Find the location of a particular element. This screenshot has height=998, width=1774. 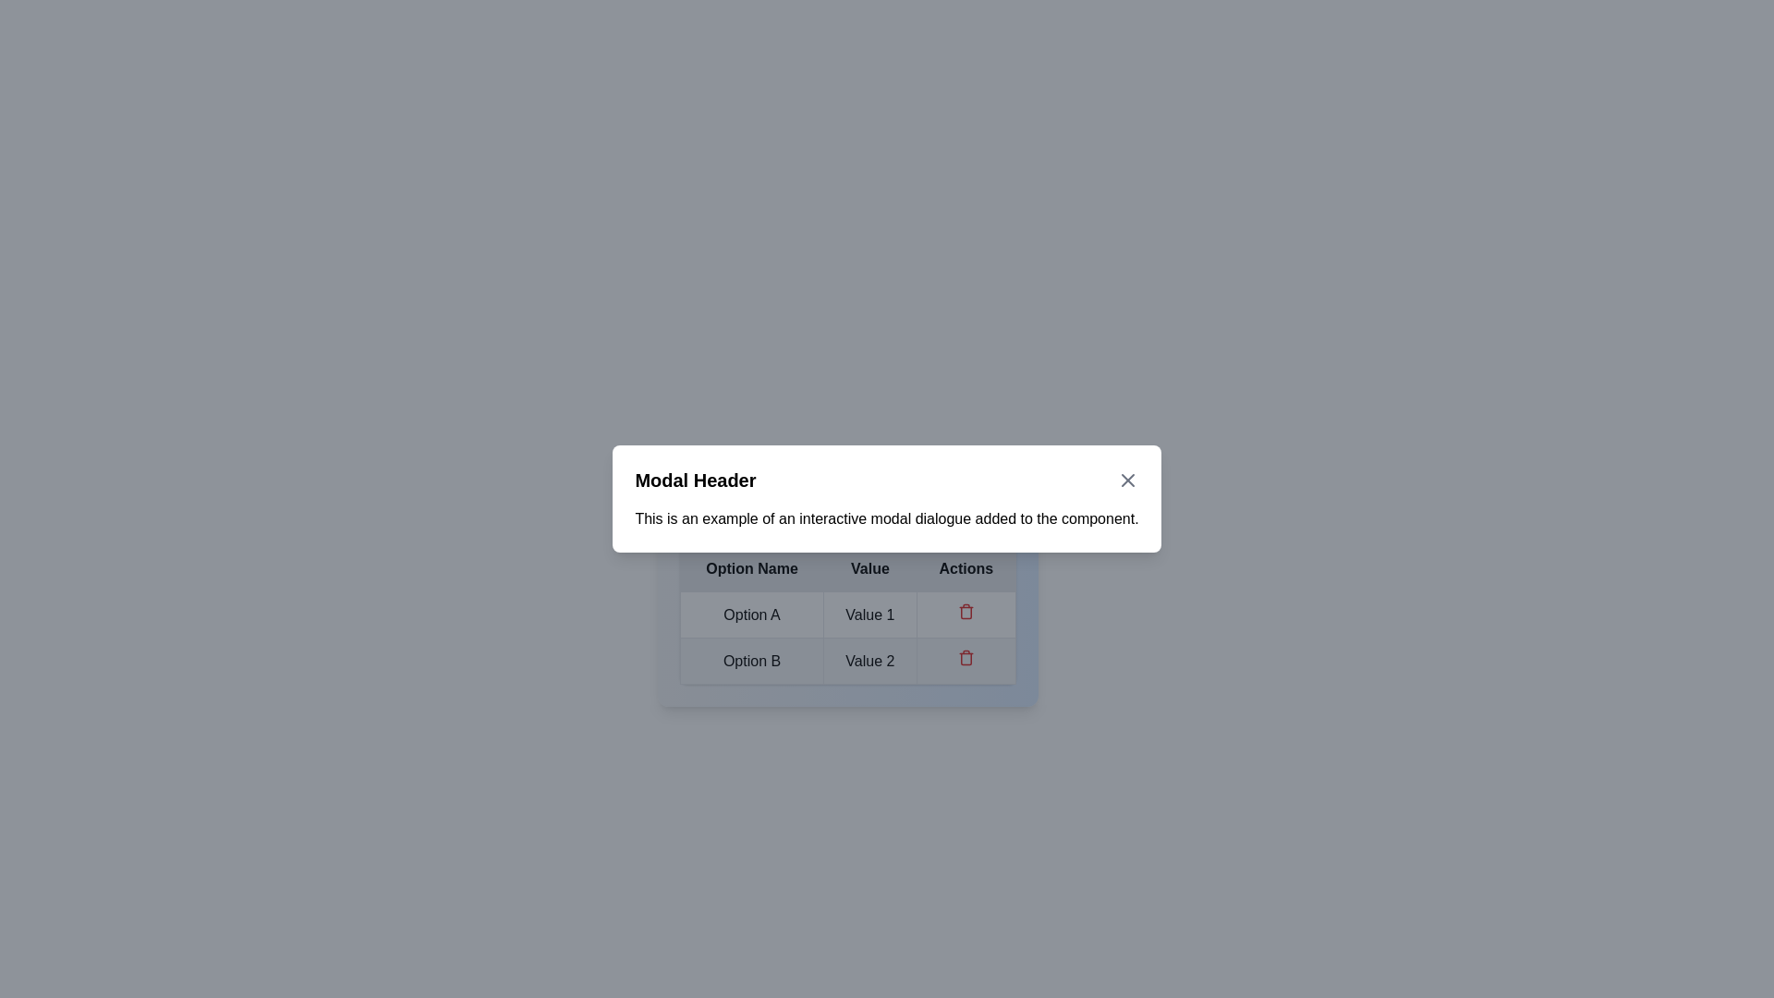

the close button icon located at the right edge of the modal dialog header is located at coordinates (1126, 480).